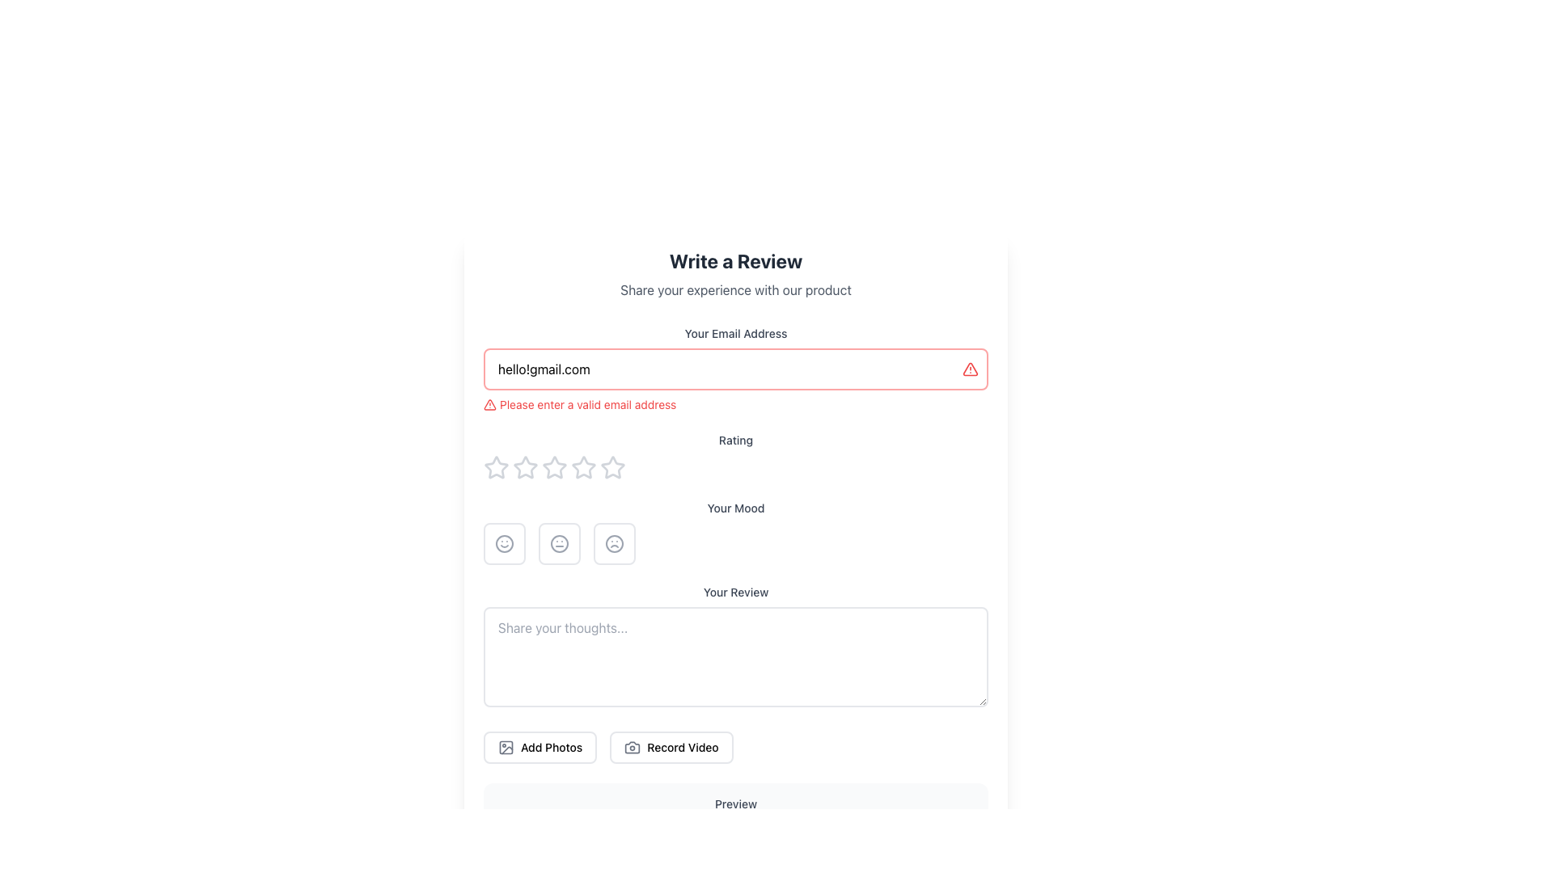  Describe the element at coordinates (559, 543) in the screenshot. I see `the neutral mood selection button, which is the second button in a horizontal row of three mood selection icons located below the 'Rating' section and above the 'Your Review' input area` at that location.